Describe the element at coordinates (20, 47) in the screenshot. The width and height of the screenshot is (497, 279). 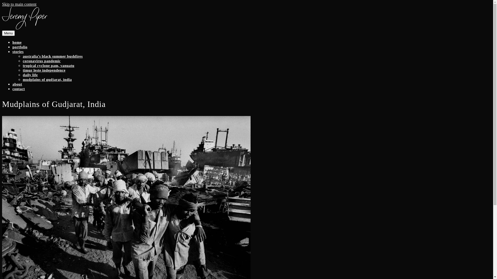
I see `'portfolio'` at that location.